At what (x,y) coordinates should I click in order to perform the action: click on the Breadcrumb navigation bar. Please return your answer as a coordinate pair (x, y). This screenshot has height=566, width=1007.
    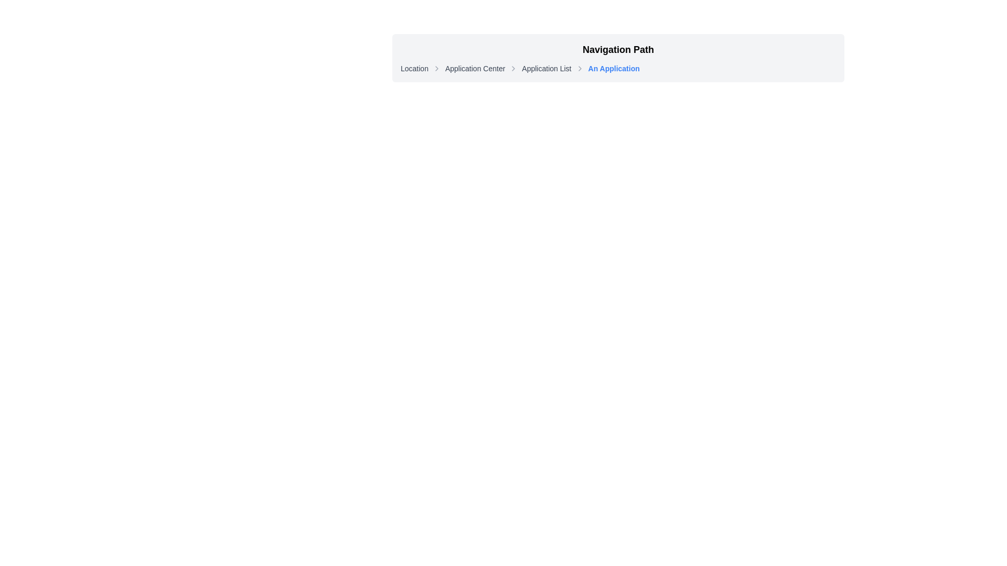
    Looking at the image, I should click on (618, 69).